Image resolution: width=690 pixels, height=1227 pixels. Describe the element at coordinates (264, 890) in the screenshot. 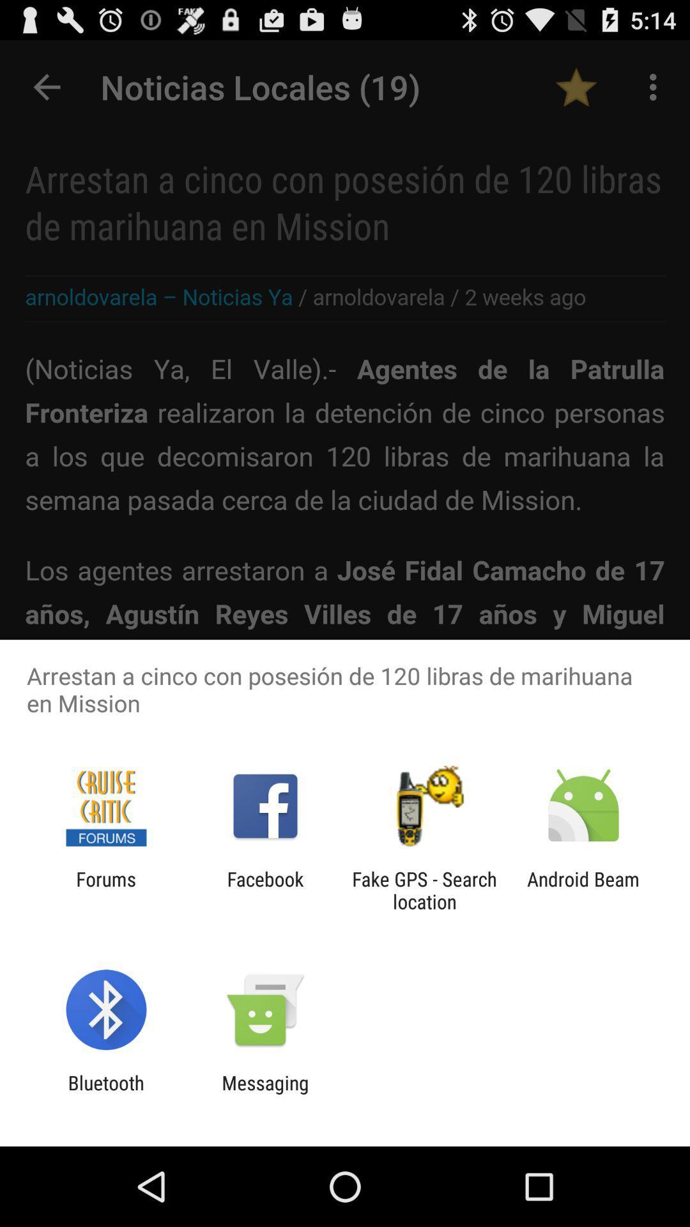

I see `the app next to the fake gps search icon` at that location.